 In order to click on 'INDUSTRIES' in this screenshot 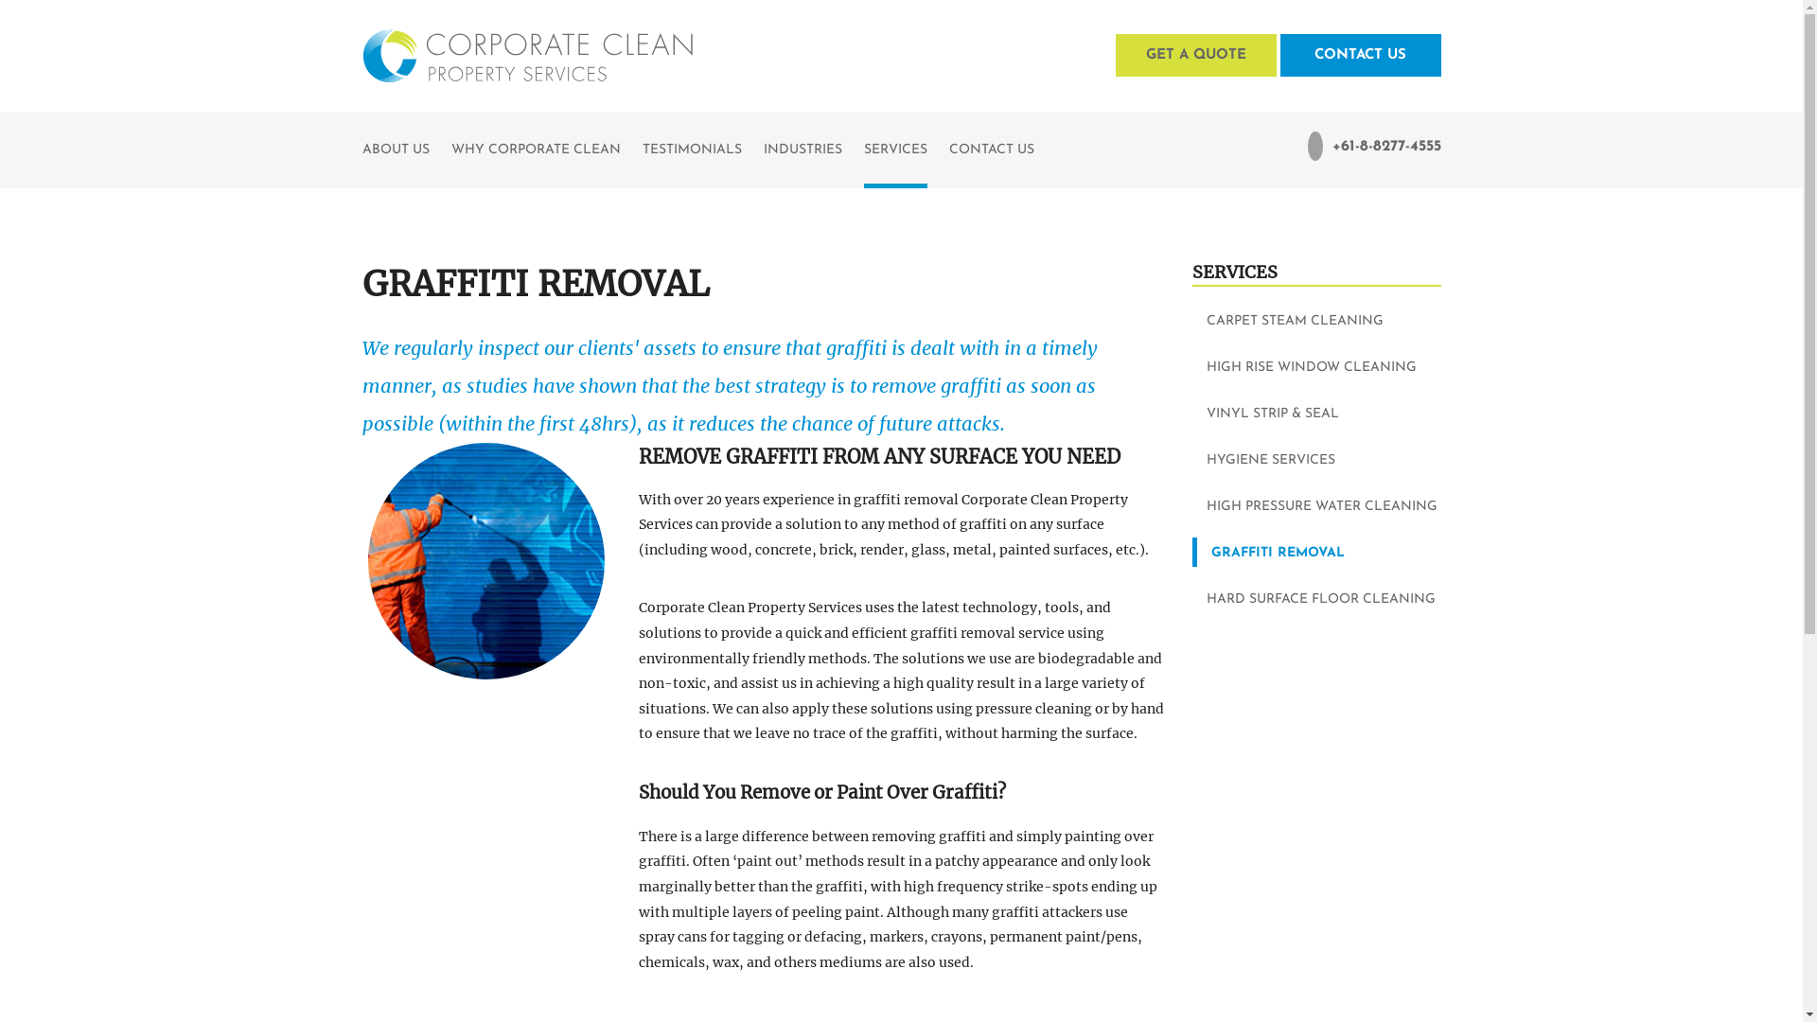, I will do `click(802, 149)`.